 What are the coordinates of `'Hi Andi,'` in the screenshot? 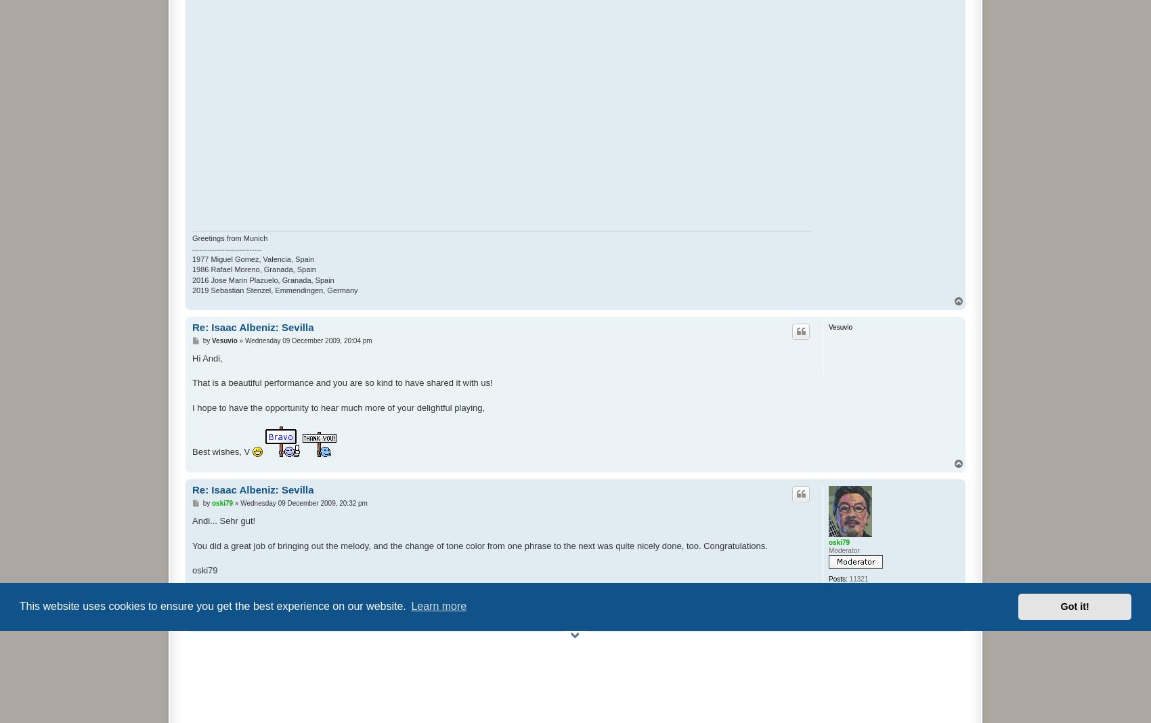 It's located at (207, 357).